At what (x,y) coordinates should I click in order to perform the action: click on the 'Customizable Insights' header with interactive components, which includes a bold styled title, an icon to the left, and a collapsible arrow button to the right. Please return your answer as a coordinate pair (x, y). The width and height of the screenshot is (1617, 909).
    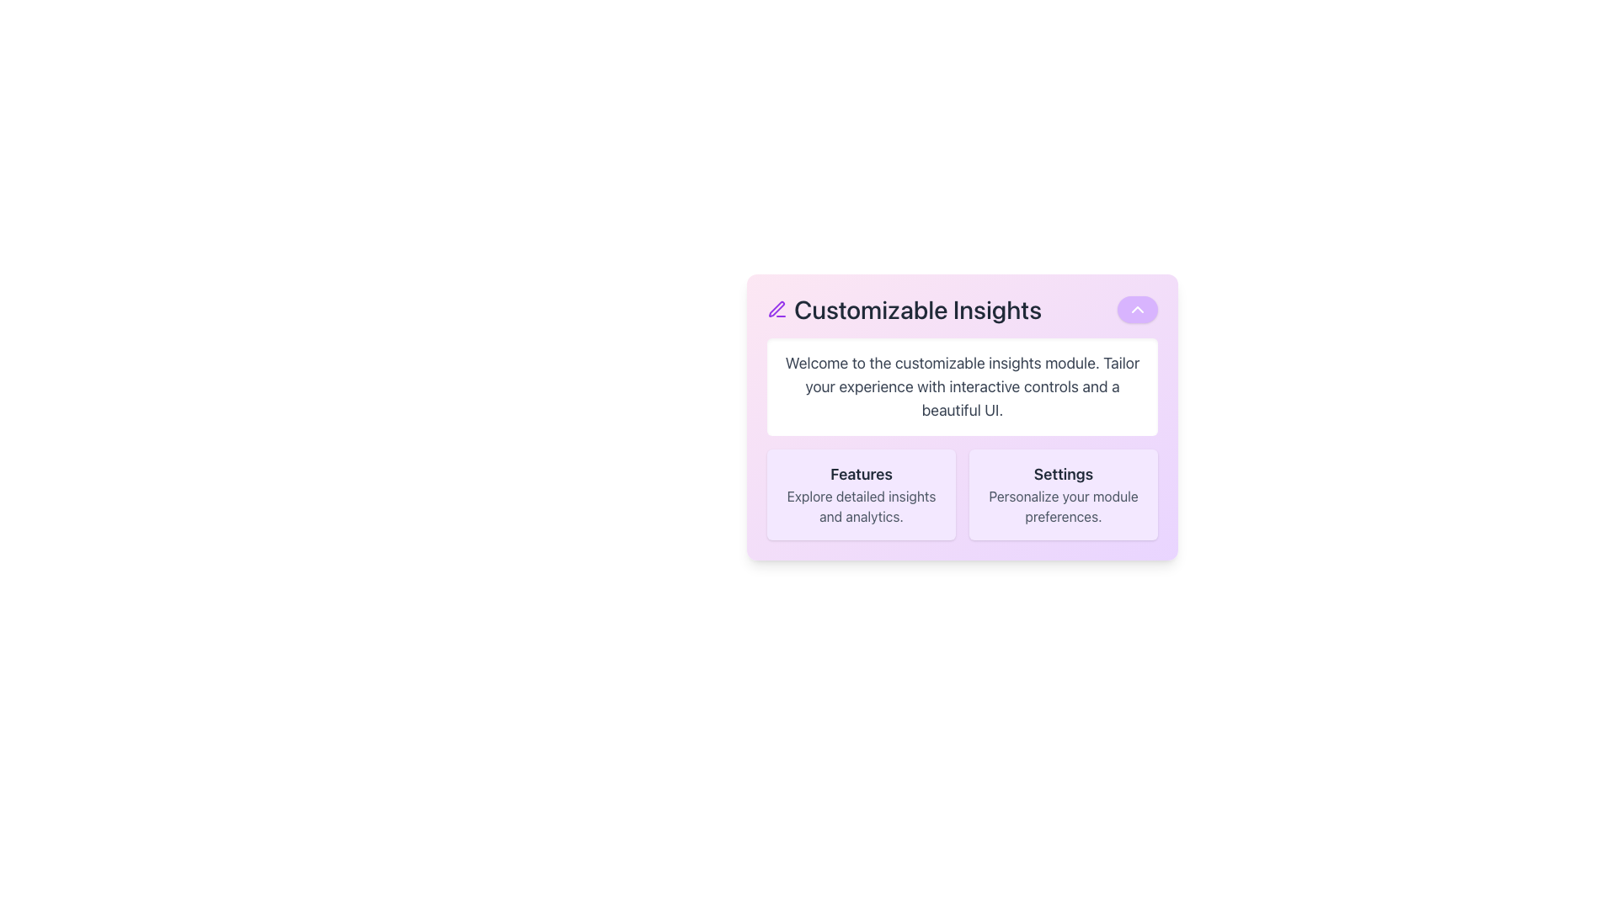
    Looking at the image, I should click on (962, 309).